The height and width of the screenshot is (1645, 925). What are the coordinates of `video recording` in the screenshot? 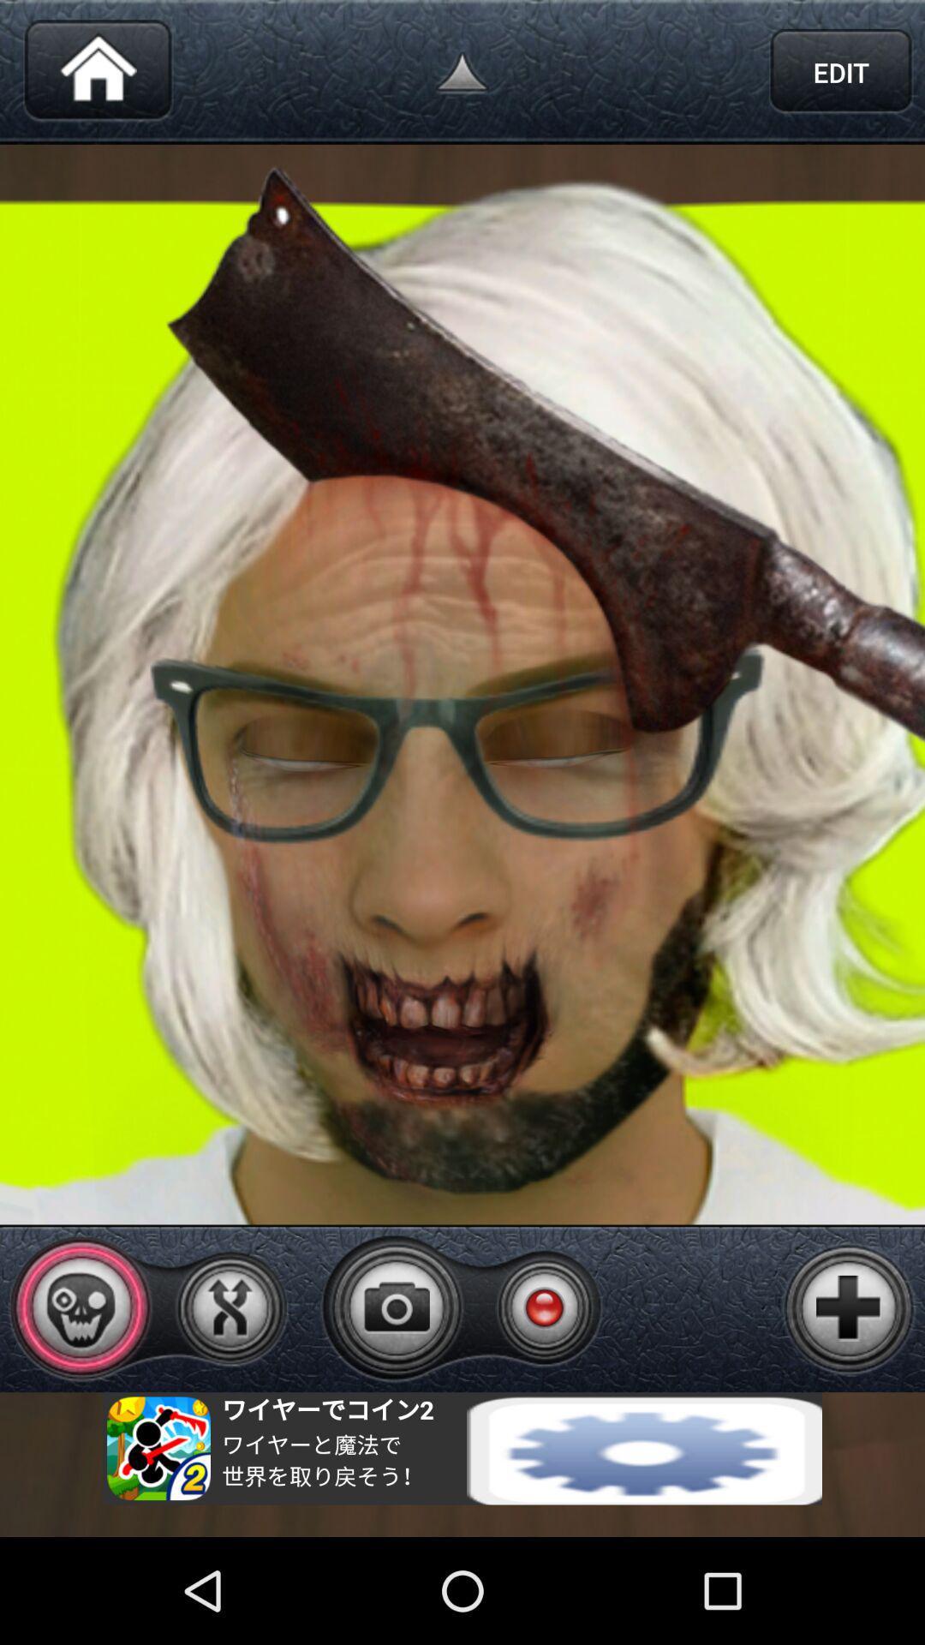 It's located at (545, 1307).